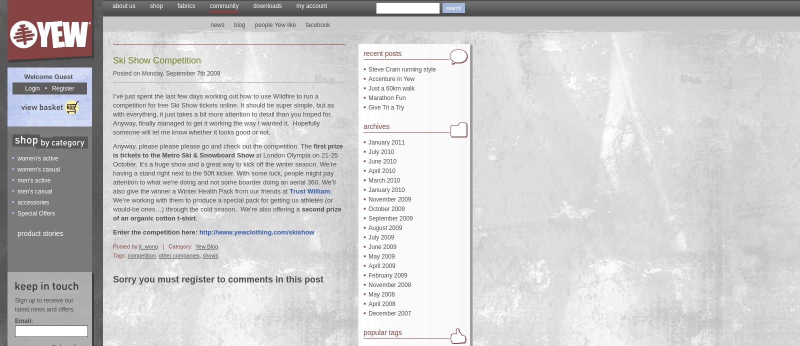 Image resolution: width=800 pixels, height=346 pixels. What do you see at coordinates (201, 254) in the screenshot?
I see `'shows'` at bounding box center [201, 254].